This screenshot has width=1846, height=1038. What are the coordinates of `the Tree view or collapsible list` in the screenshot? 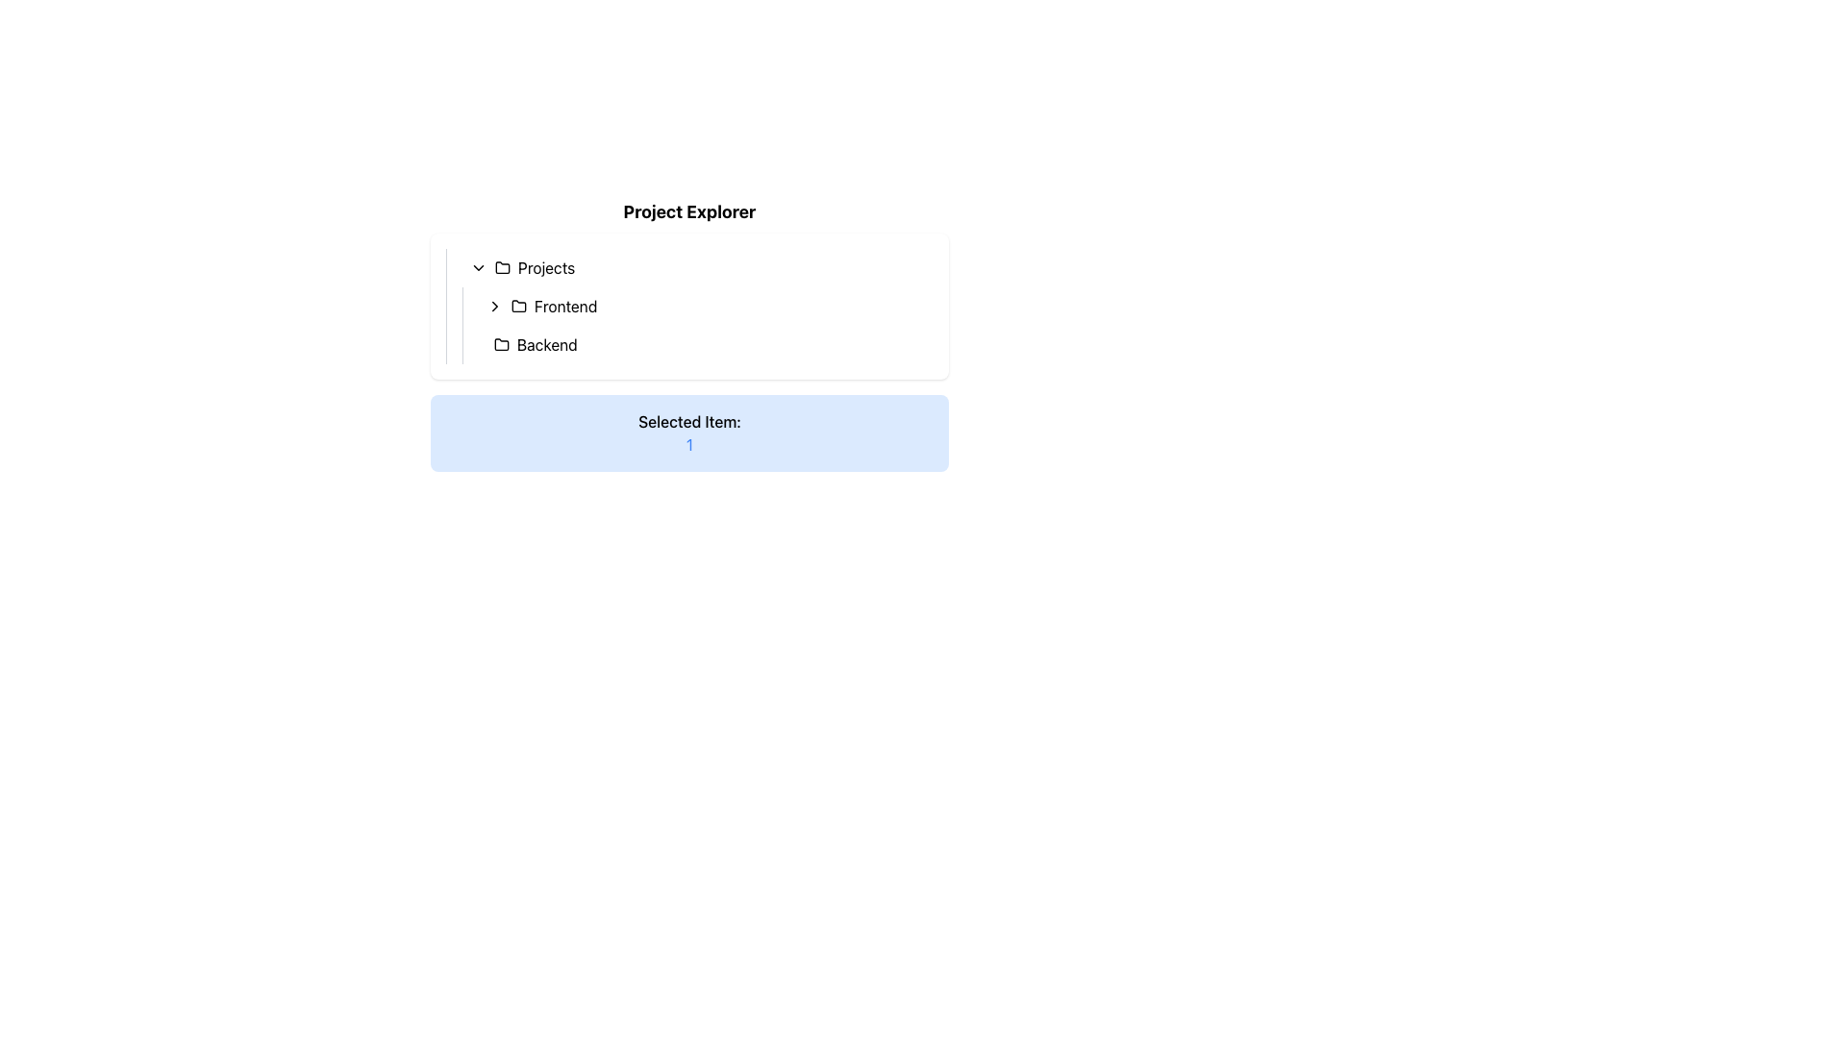 It's located at (689, 306).